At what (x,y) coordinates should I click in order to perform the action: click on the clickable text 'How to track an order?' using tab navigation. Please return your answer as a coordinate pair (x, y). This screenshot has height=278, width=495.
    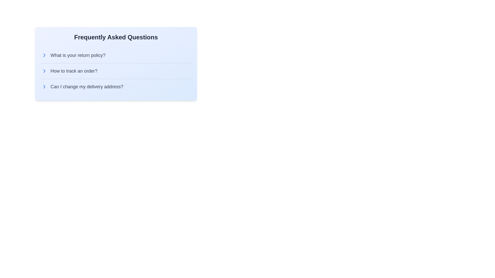
    Looking at the image, I should click on (116, 71).